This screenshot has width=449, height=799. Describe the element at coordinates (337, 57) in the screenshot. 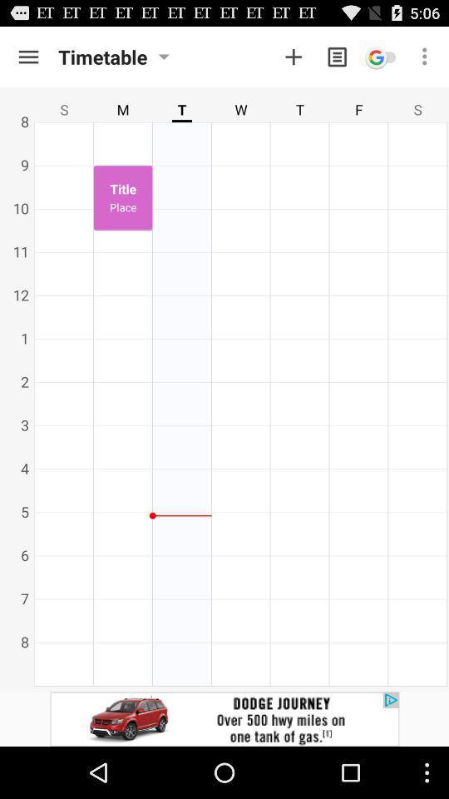

I see `the menu` at that location.